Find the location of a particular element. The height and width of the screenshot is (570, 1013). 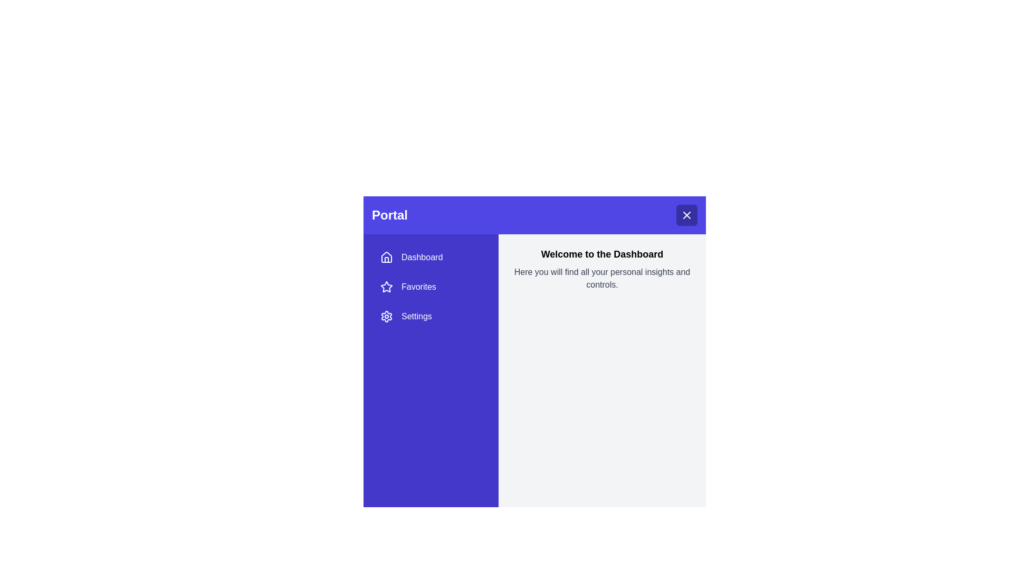

the close button located in the top-right corner of the purple header bar labeled 'Portal' is located at coordinates (686, 215).